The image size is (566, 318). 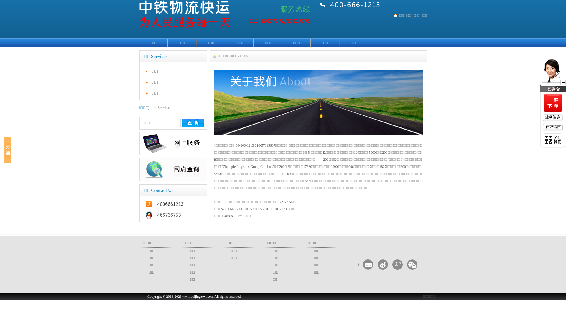 What do you see at coordinates (173, 215) in the screenshot?
I see `'466736753'` at bounding box center [173, 215].